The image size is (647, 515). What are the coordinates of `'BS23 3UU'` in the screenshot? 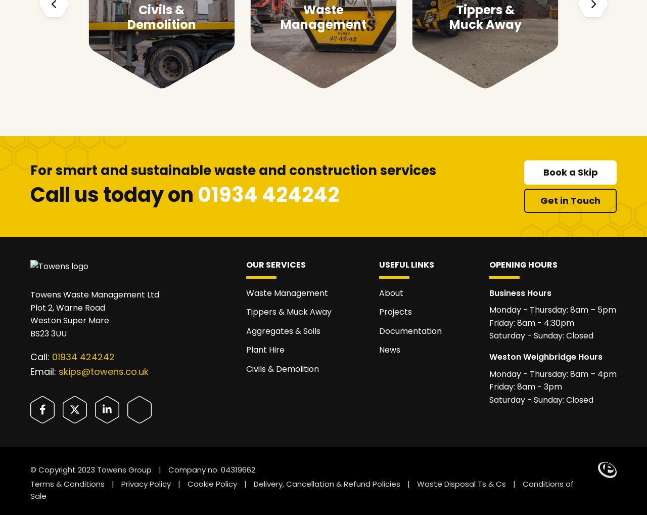 It's located at (30, 332).